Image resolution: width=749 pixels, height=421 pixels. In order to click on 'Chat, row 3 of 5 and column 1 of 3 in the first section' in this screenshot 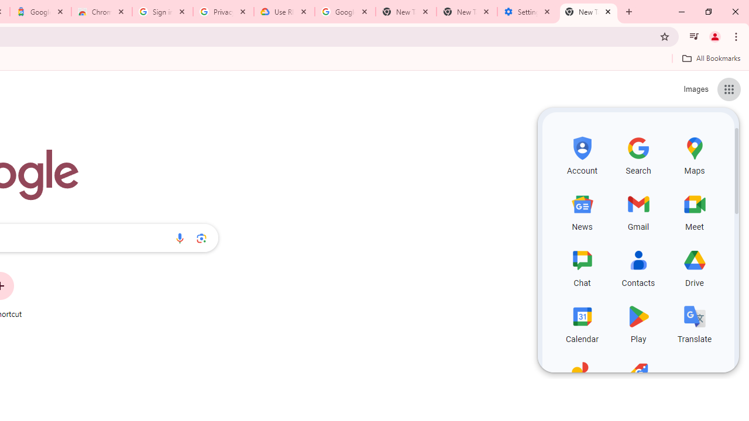, I will do `click(582, 267)`.